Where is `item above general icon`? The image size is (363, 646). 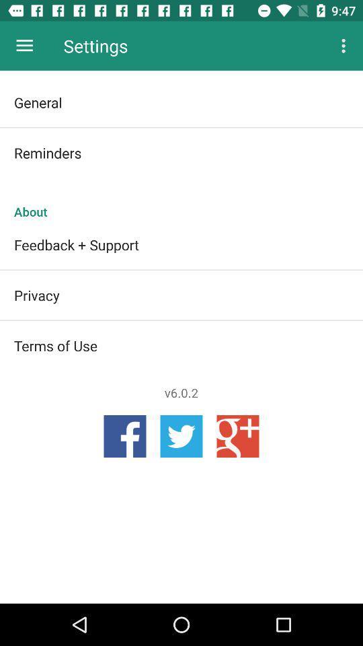
item above general icon is located at coordinates (345, 46).